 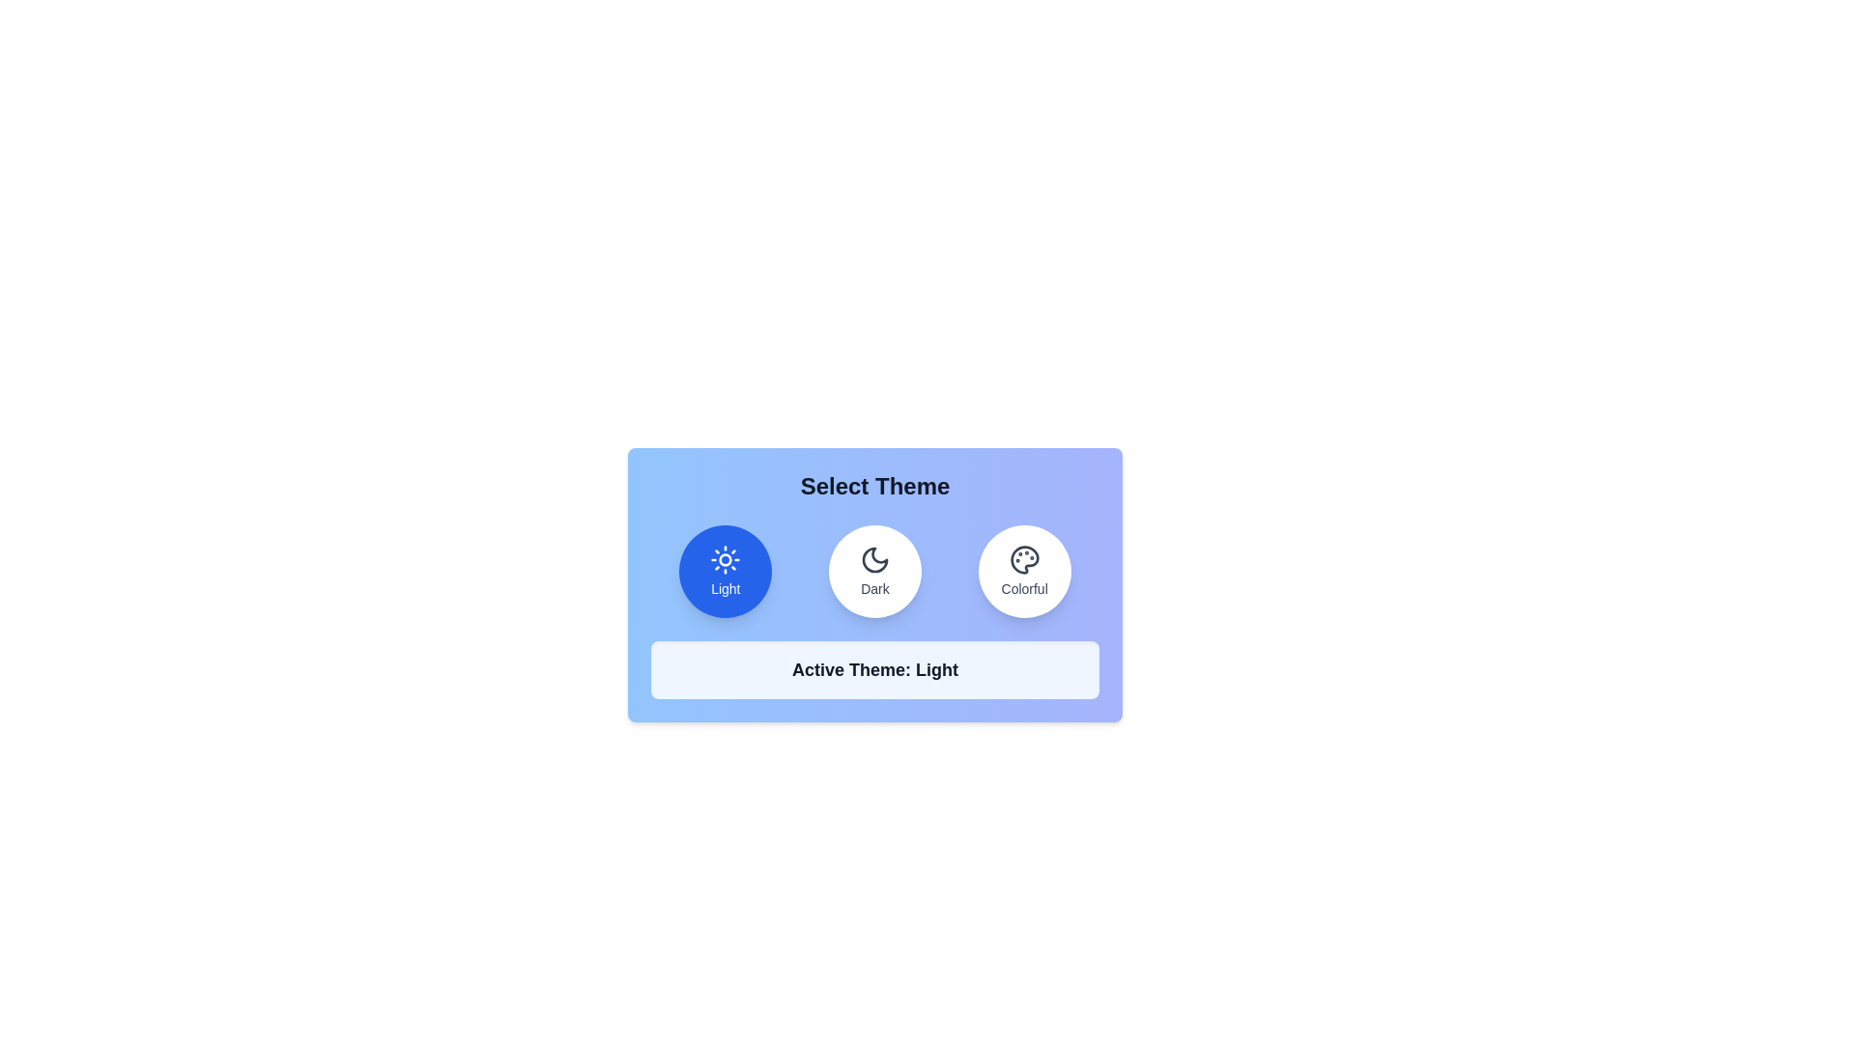 What do you see at coordinates (874, 669) in the screenshot?
I see `the text of the element displaying the active theme` at bounding box center [874, 669].